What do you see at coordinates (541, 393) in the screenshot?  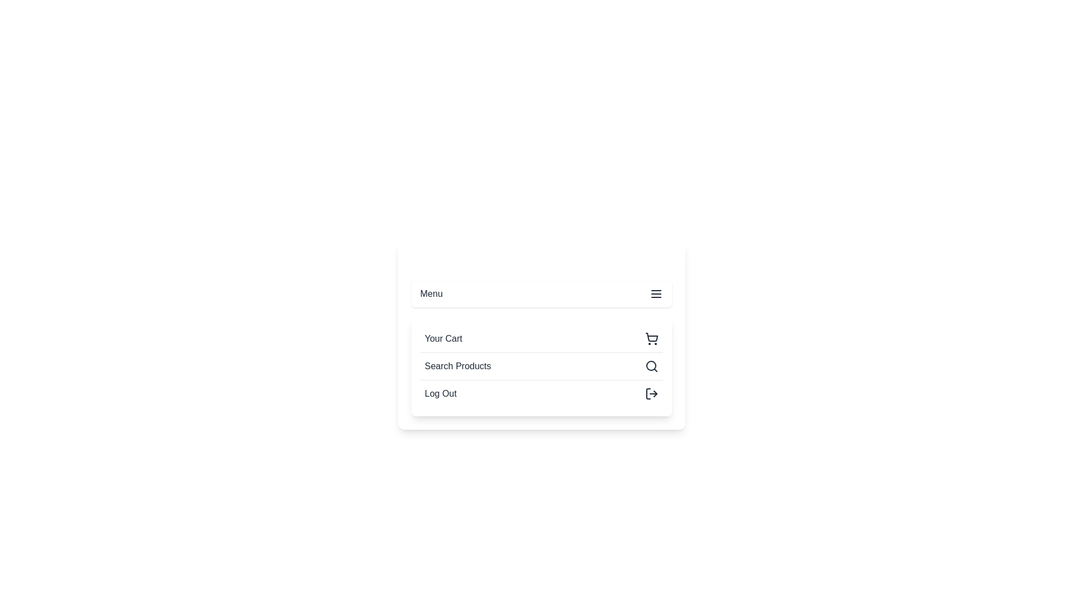 I see `the 'Log Out' button located at the bottom of the dropdown menu` at bounding box center [541, 393].